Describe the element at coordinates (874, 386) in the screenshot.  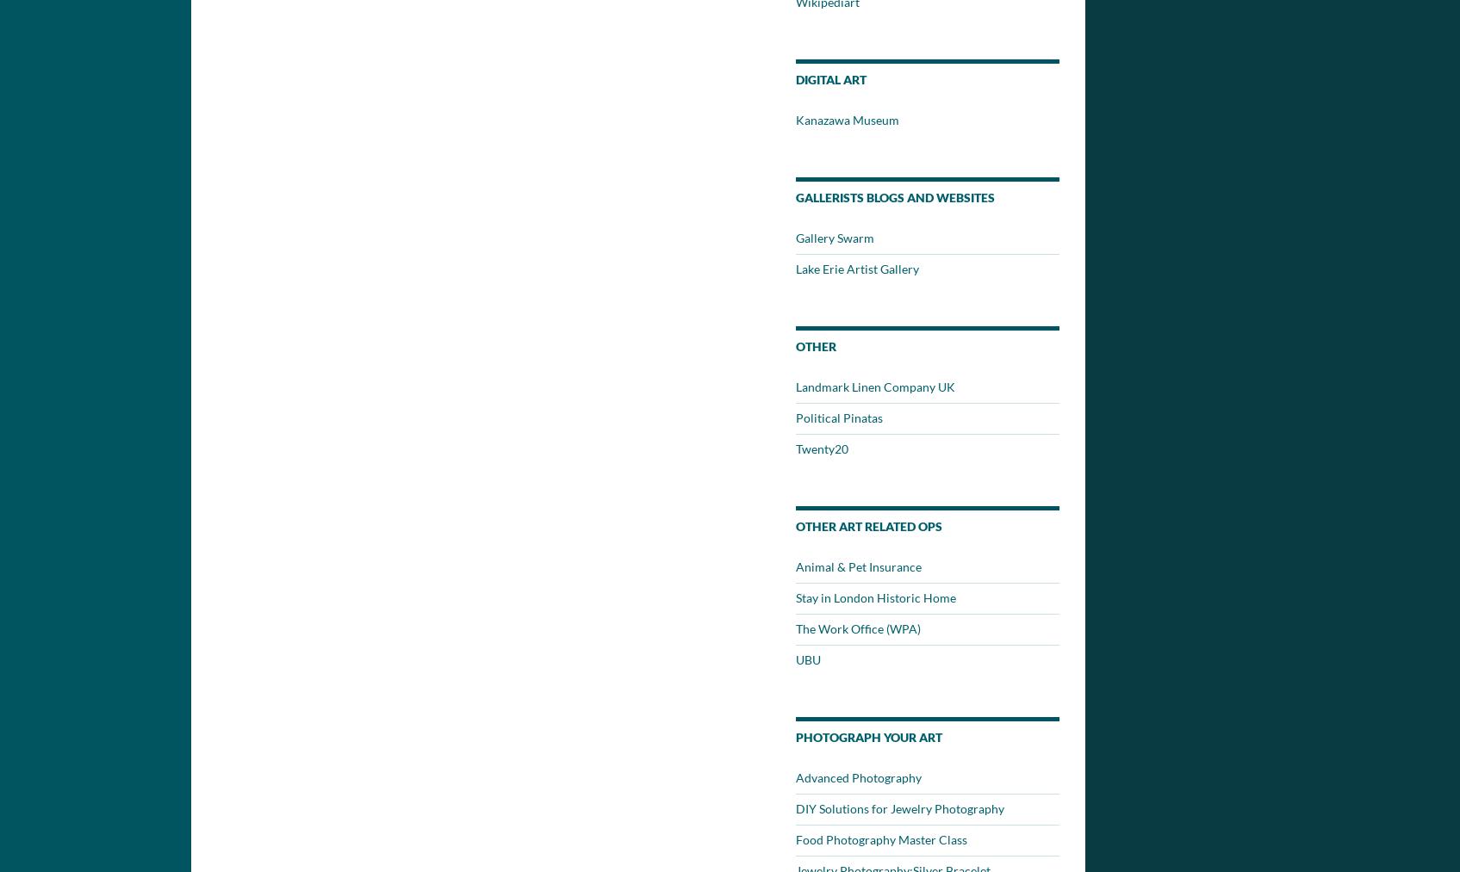
I see `'Landmark Linen Company UK'` at that location.